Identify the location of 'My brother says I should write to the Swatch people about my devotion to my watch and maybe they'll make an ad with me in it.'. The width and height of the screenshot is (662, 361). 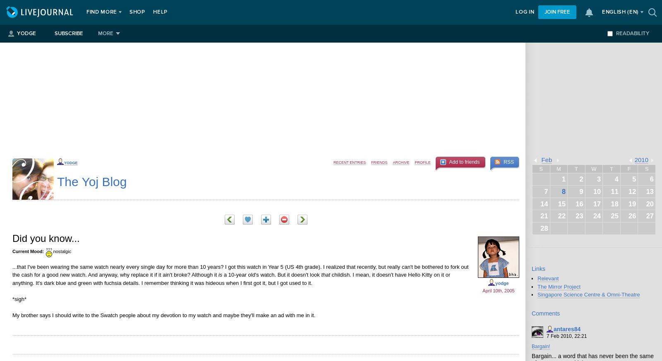
(12, 314).